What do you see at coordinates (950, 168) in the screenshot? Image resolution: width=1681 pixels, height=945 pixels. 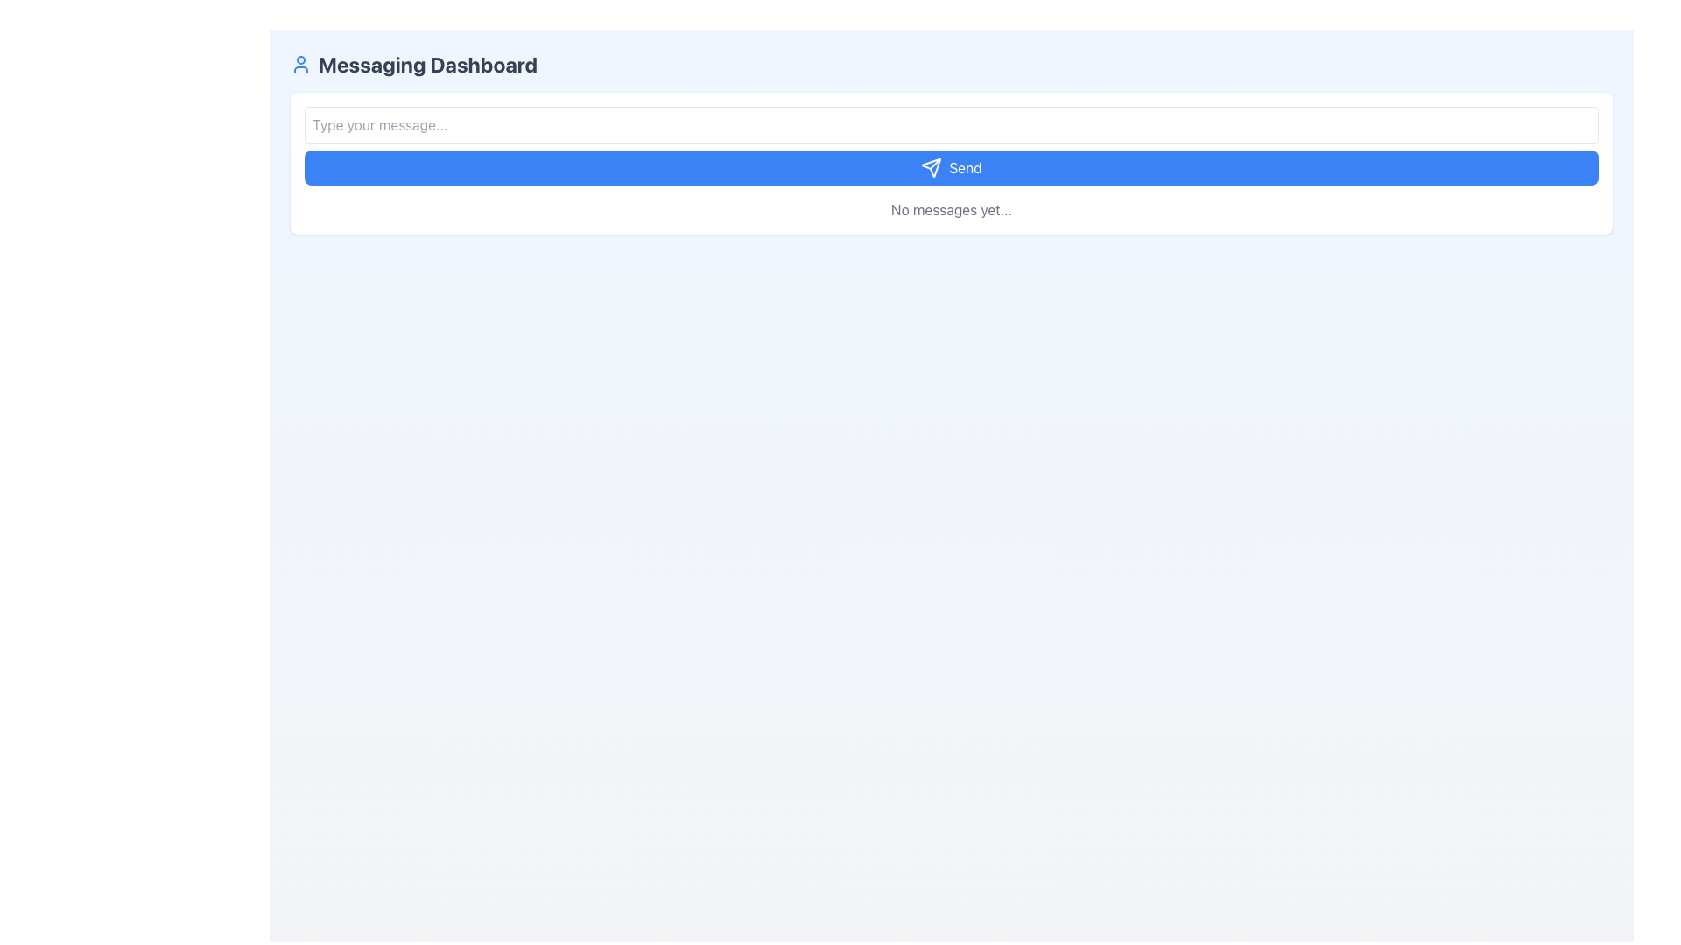 I see `the submission button located beneath the input field with placeholder 'Type your message...' to observe visual changes` at bounding box center [950, 168].